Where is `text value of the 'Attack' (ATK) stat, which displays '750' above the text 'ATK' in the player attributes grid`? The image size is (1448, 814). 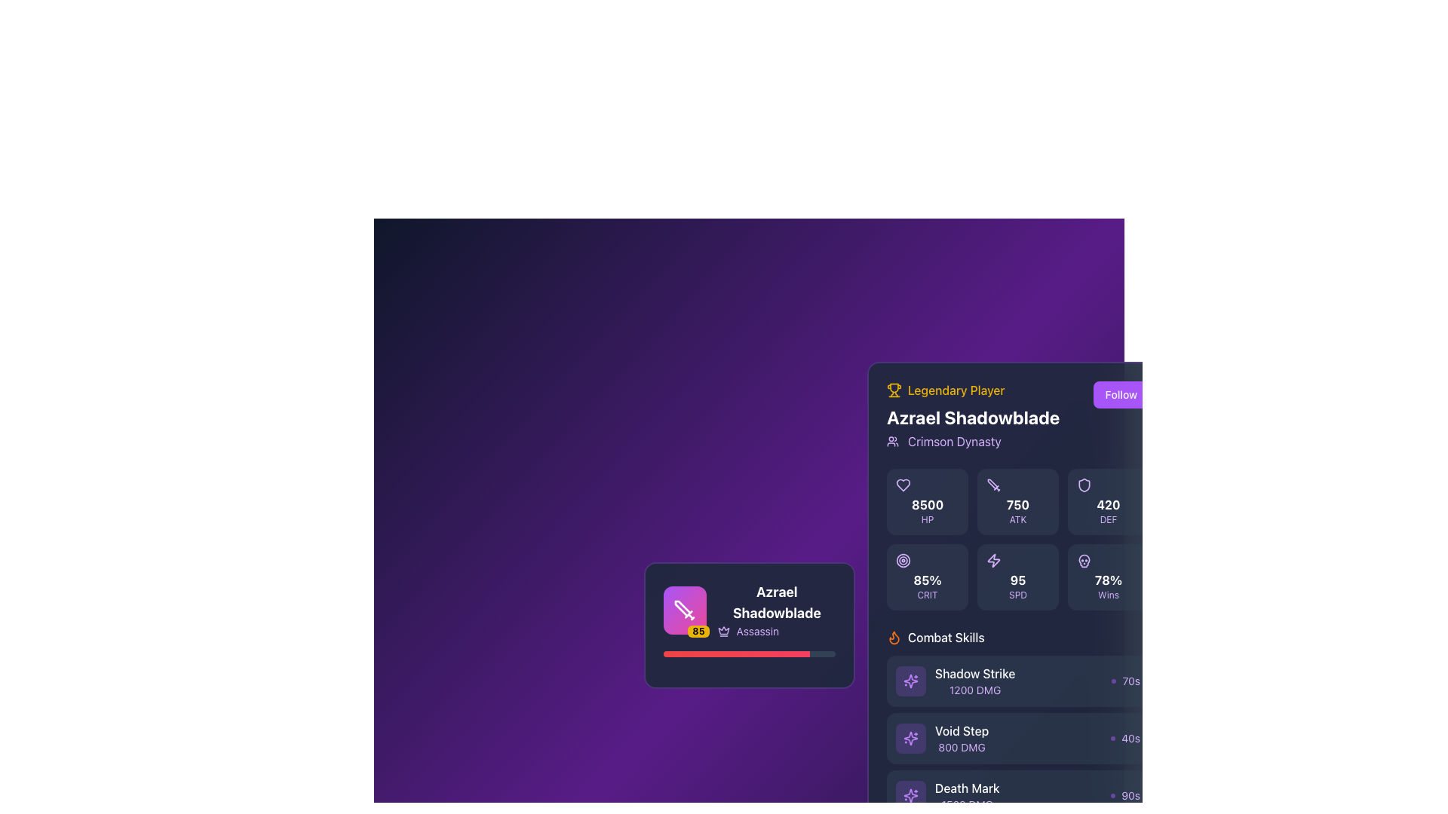 text value of the 'Attack' (ATK) stat, which displays '750' above the text 'ATK' in the player attributes grid is located at coordinates (1017, 505).